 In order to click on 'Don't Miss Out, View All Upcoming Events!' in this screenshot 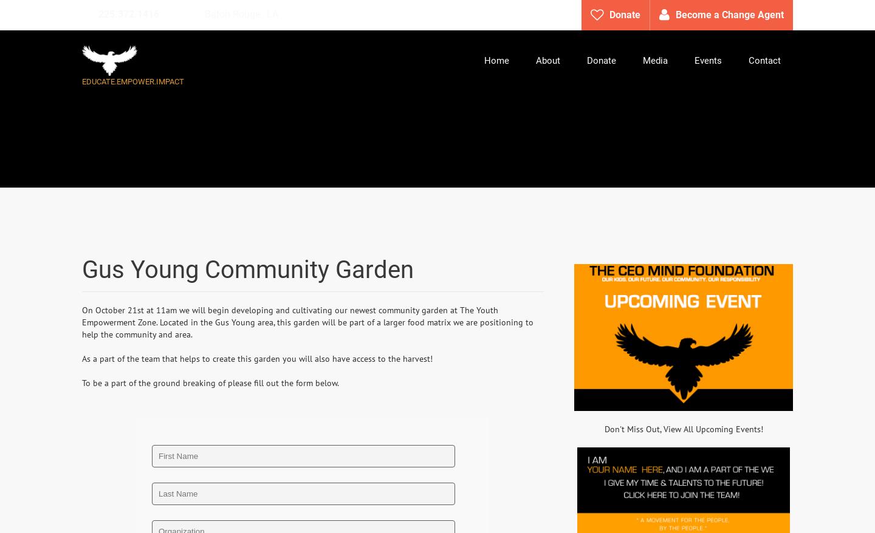, I will do `click(682, 427)`.